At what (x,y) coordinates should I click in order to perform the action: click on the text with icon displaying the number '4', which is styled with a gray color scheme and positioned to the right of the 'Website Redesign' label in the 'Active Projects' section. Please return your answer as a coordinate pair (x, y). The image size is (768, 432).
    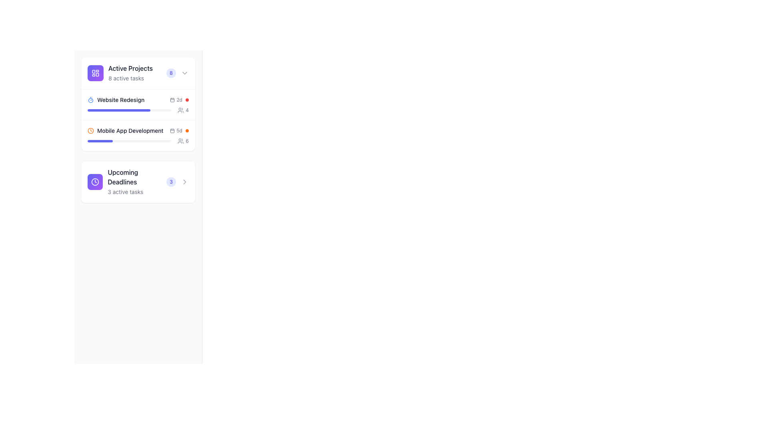
    Looking at the image, I should click on (183, 110).